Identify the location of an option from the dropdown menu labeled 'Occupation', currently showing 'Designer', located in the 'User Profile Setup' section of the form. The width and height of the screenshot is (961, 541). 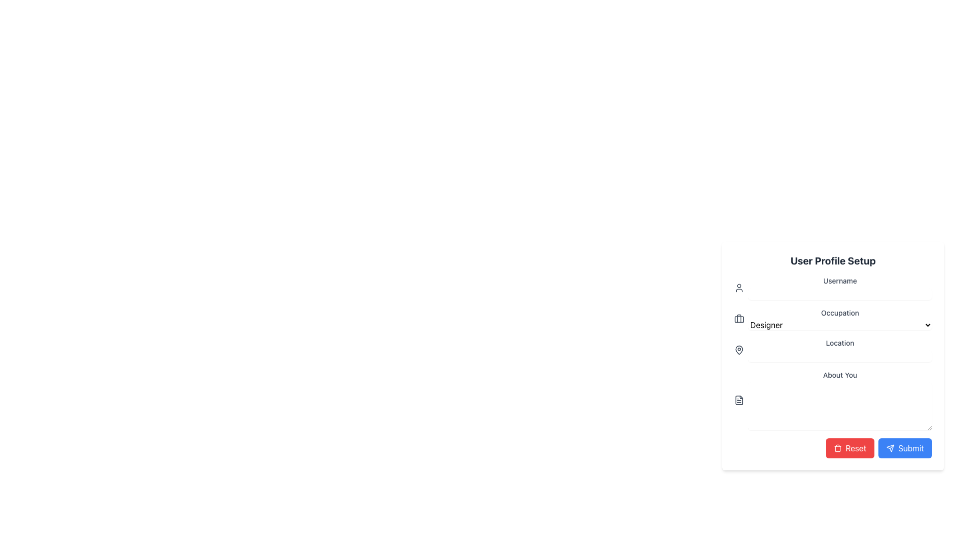
(840, 319).